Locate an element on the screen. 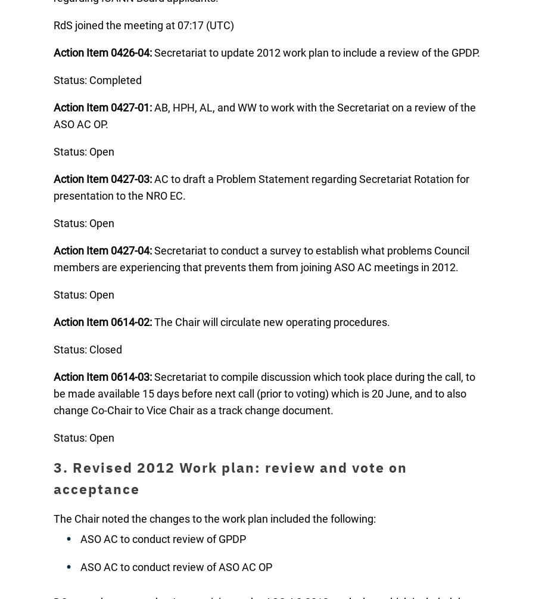  'Action Item 0427-03:' is located at coordinates (102, 178).